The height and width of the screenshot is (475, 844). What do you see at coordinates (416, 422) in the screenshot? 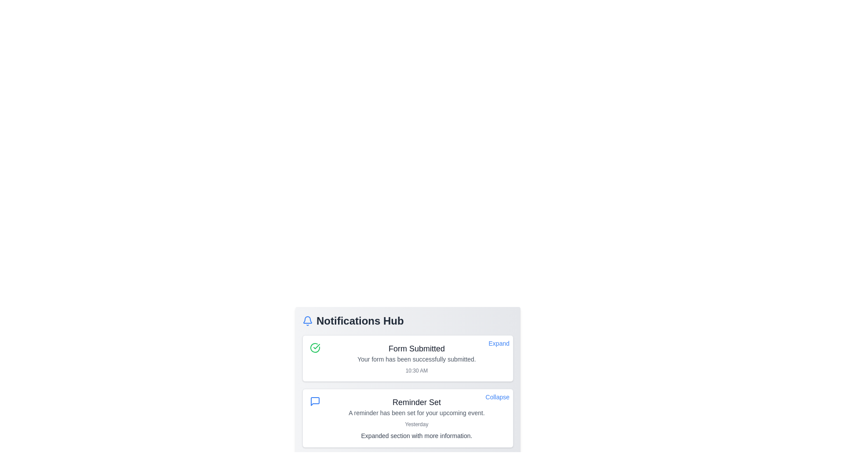
I see `the text label that displays supplementary information related to the notification, positioned between the reminder description and the expanded section in the notification card labeled 'Reminder Set'` at bounding box center [416, 422].